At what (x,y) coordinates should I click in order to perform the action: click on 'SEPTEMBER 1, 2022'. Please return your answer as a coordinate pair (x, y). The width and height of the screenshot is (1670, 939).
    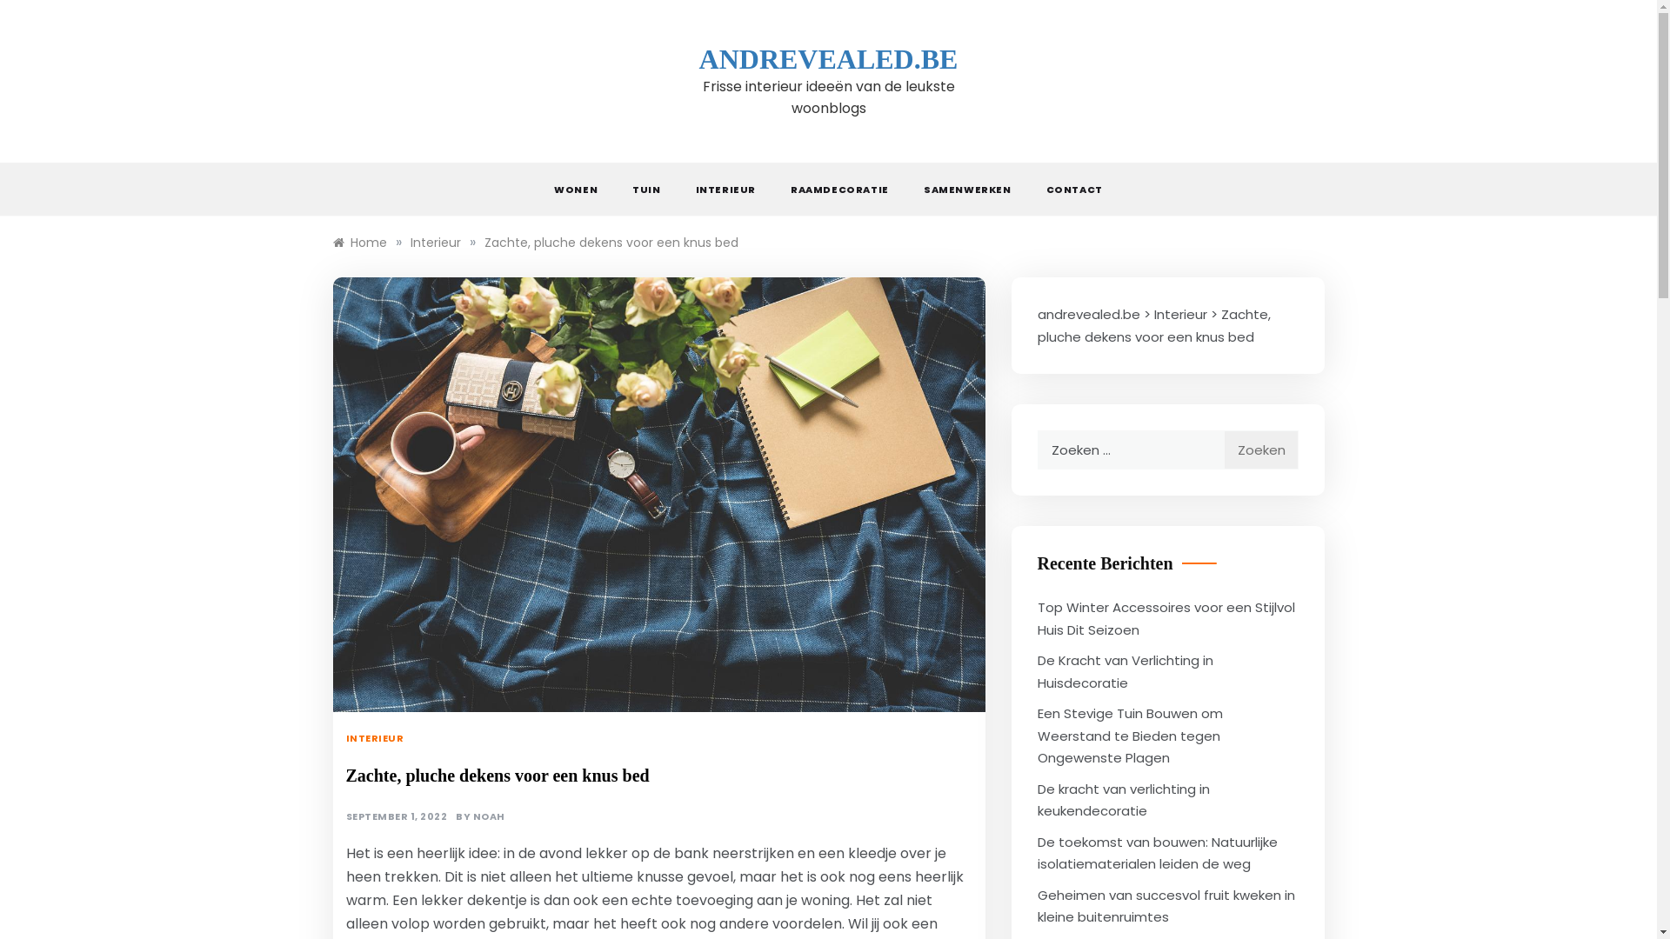
    Looking at the image, I should click on (396, 817).